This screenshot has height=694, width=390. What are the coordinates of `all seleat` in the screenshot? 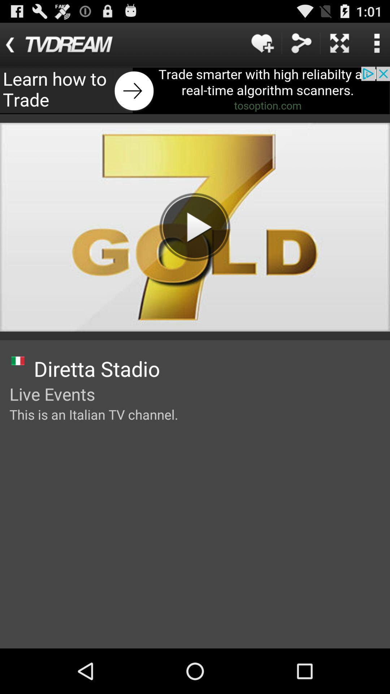 It's located at (339, 43).